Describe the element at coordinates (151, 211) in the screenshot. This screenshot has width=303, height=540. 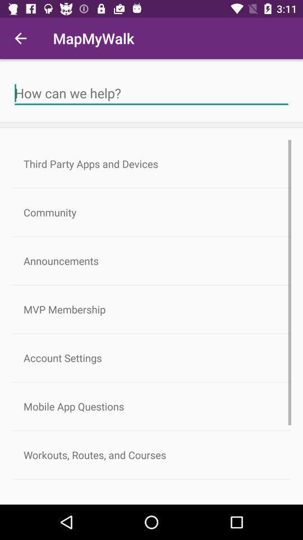
I see `item below the third party apps item` at that location.